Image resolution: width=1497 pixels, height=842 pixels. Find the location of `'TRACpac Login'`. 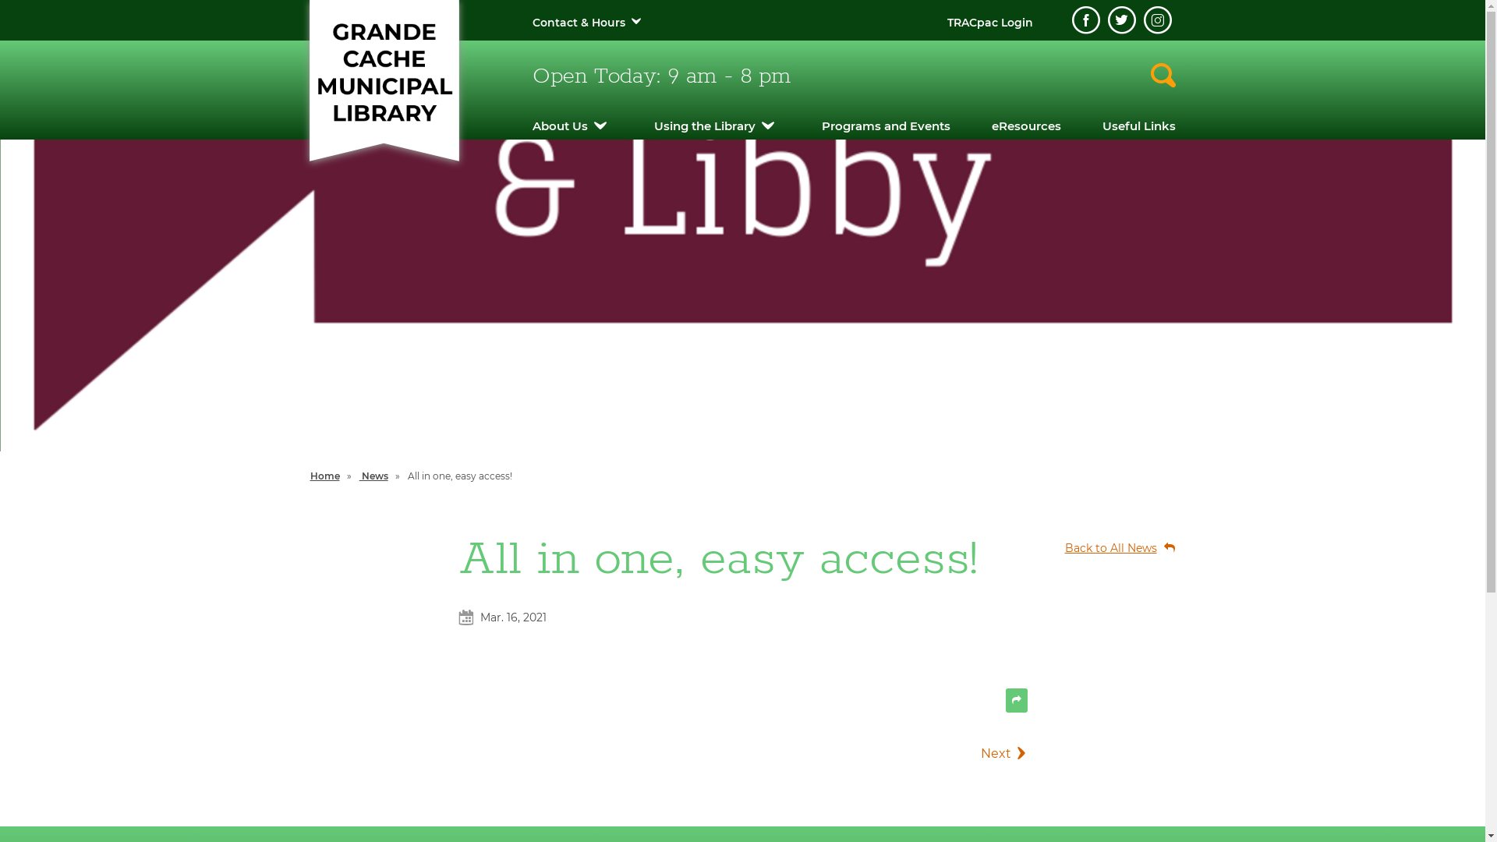

'TRACpac Login' is located at coordinates (988, 23).